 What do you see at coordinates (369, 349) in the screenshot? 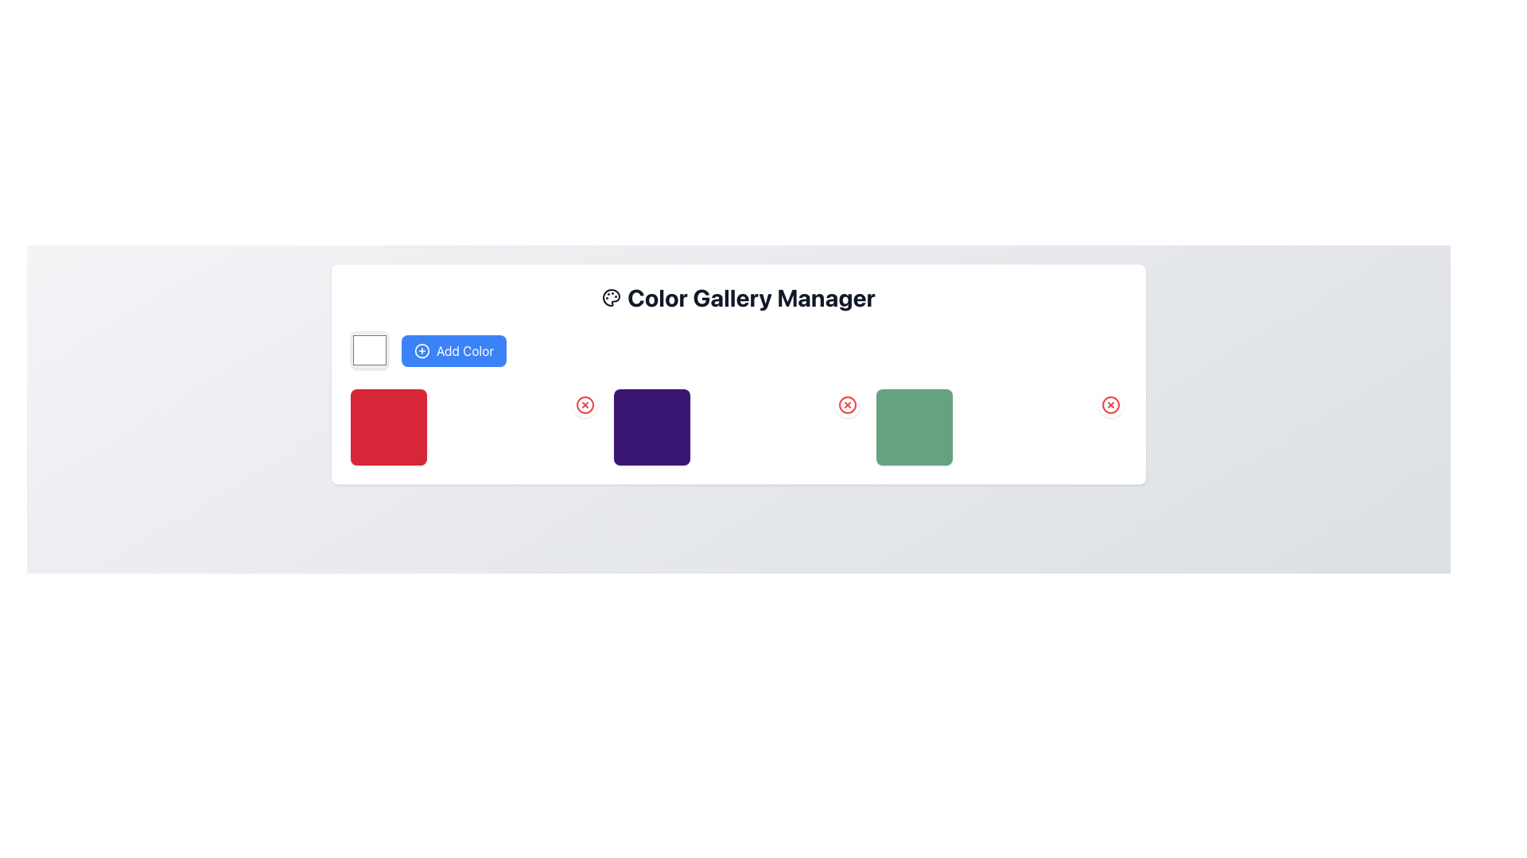
I see `the square color picker input field with rounded corners located to the left of the blue 'Add Color' button in the 'Add Color' section` at bounding box center [369, 349].